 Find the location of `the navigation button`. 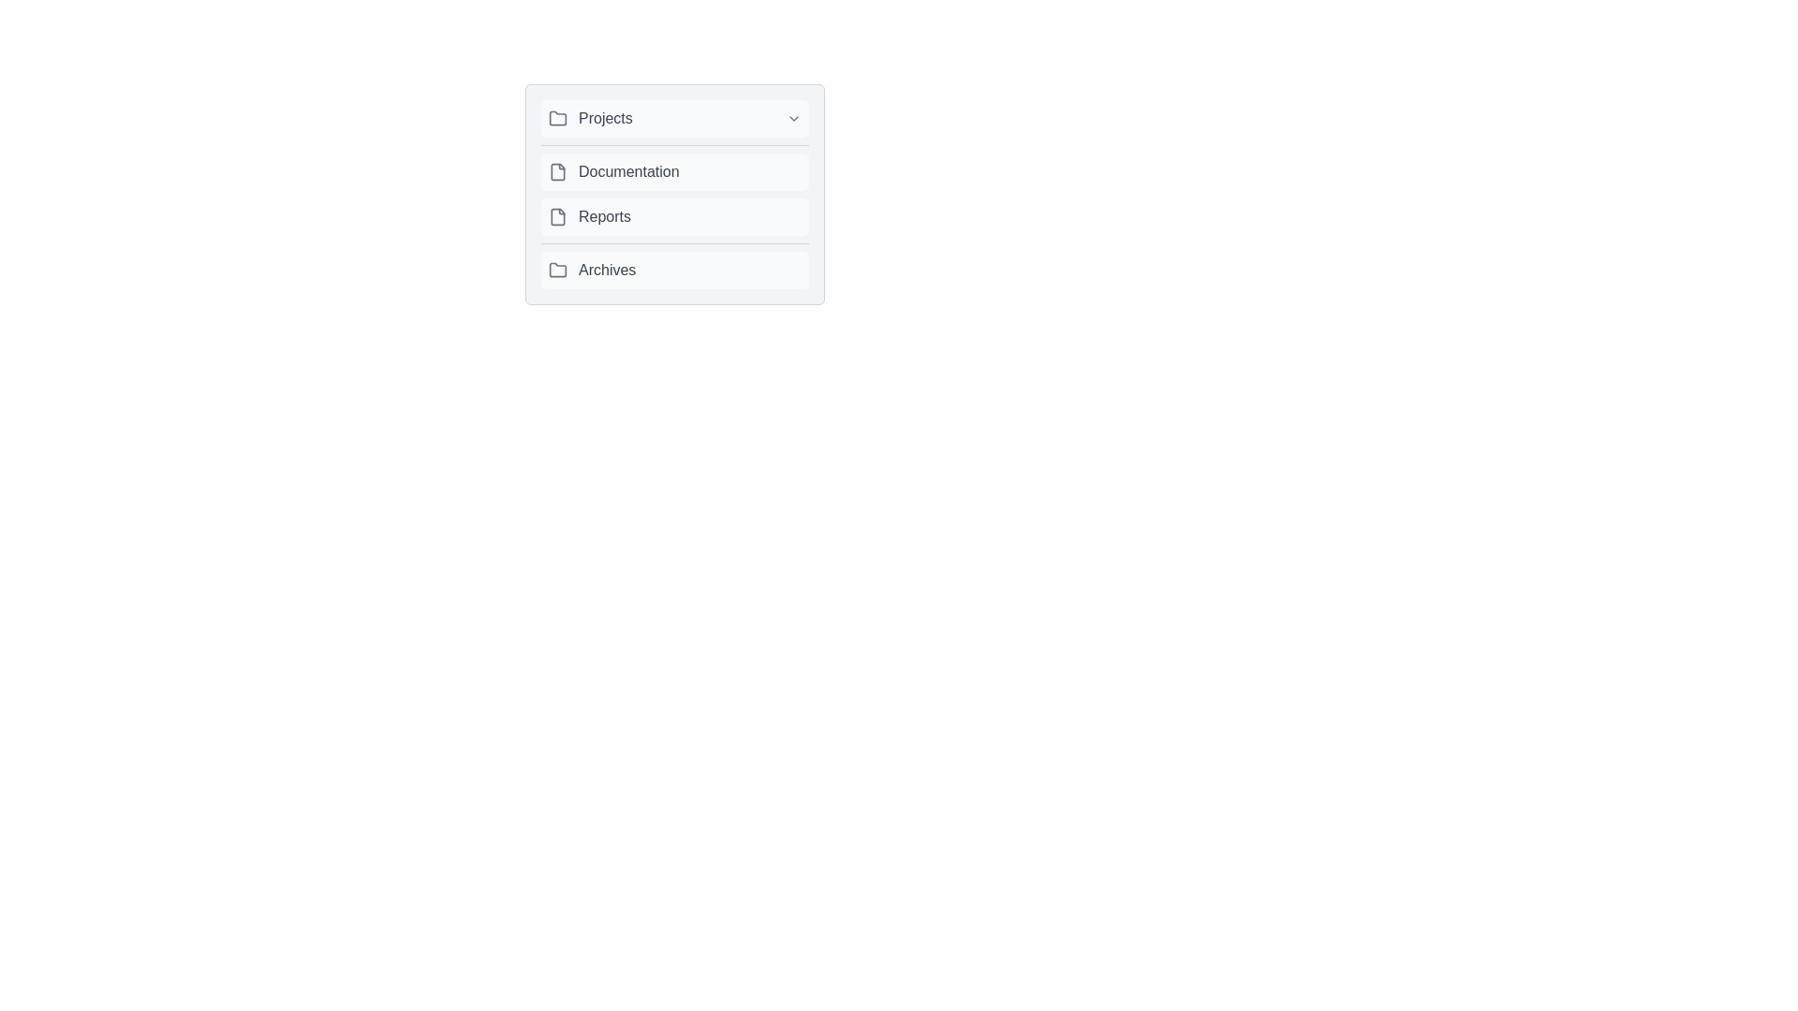

the navigation button is located at coordinates (674, 271).